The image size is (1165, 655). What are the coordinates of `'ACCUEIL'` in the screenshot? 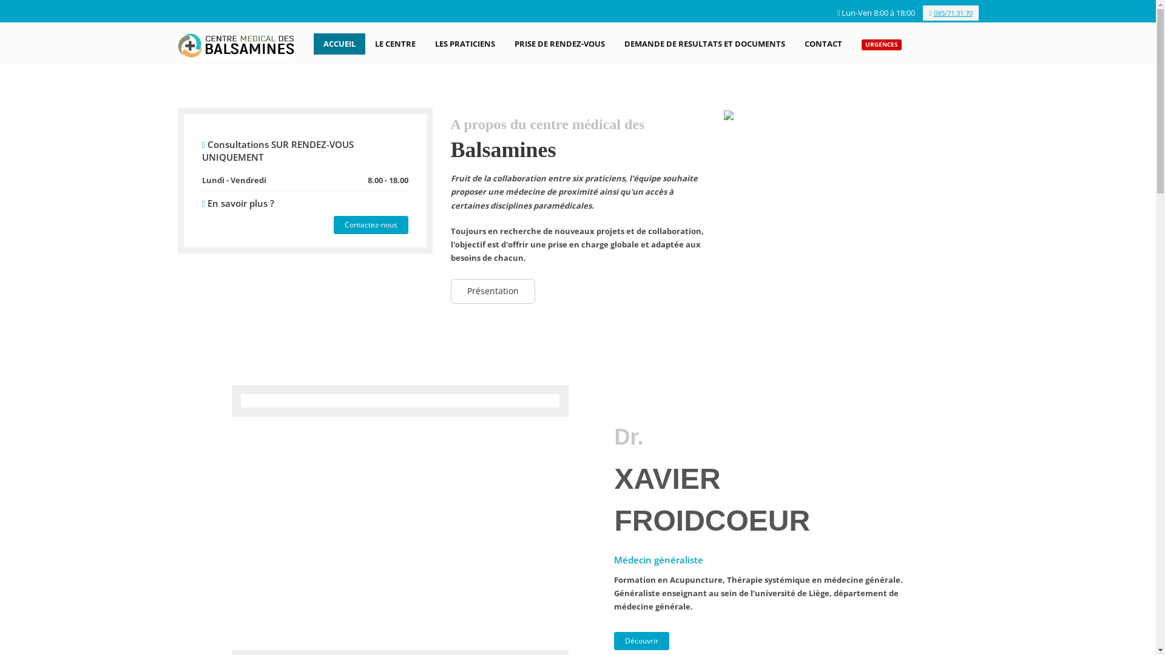 It's located at (314, 43).